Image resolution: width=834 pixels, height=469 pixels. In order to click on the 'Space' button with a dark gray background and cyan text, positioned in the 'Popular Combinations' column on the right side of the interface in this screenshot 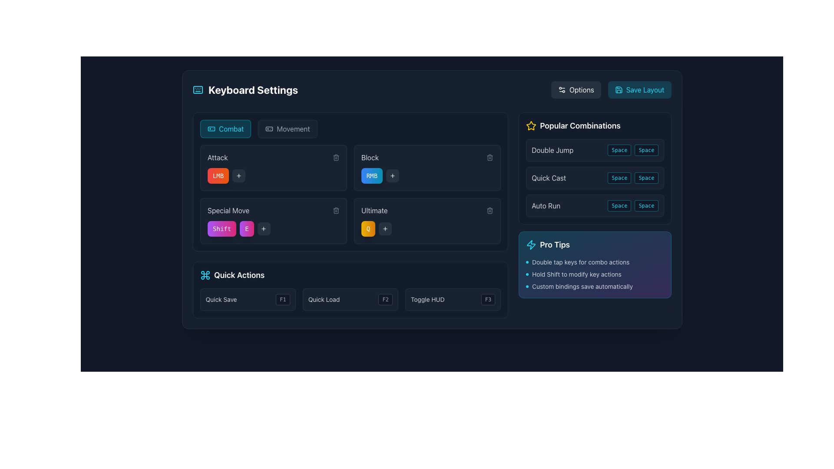, I will do `click(619, 206)`.